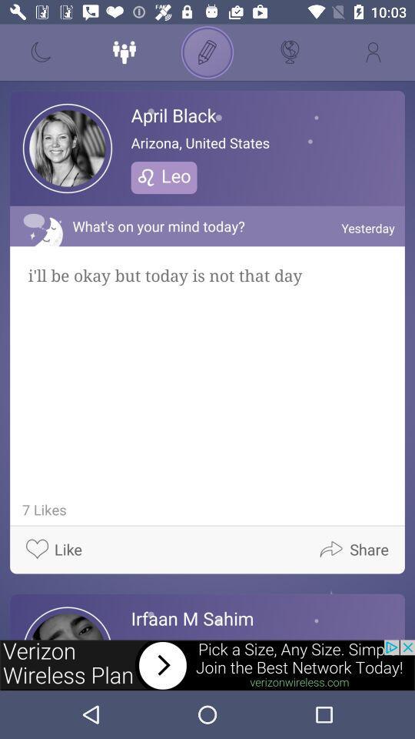 The width and height of the screenshot is (415, 739). Describe the element at coordinates (192, 618) in the screenshot. I see `the text irfaan m sahim` at that location.